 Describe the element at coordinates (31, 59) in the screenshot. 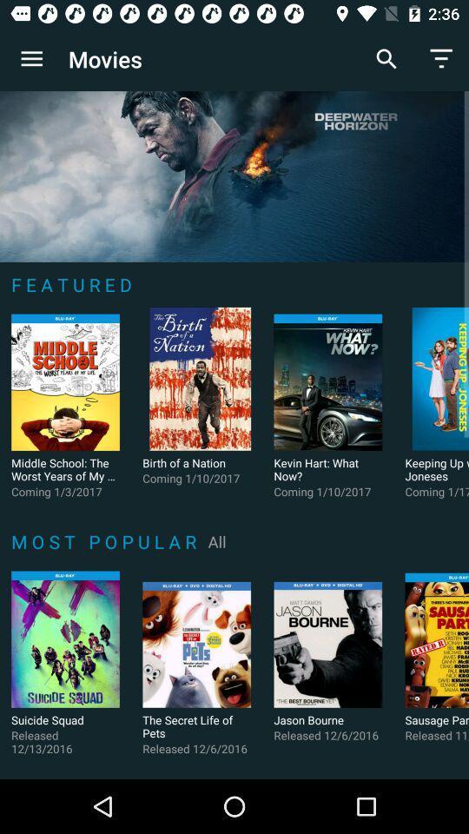

I see `the icon next to the movies` at that location.